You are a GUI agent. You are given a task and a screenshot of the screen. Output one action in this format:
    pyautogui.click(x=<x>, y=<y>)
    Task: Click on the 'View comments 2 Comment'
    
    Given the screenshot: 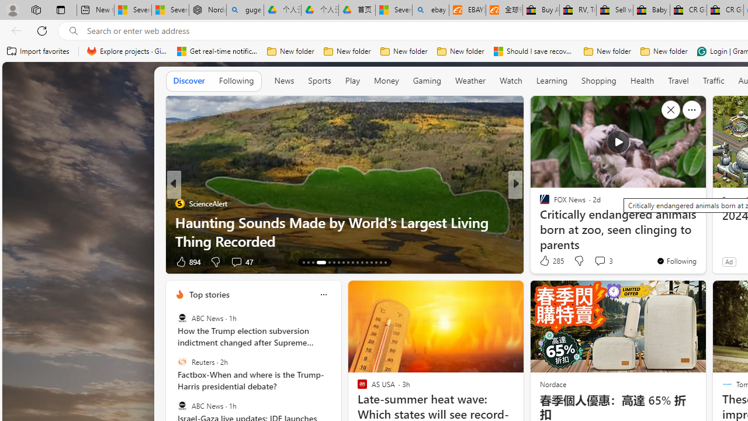 What is the action you would take?
    pyautogui.click(x=596, y=261)
    